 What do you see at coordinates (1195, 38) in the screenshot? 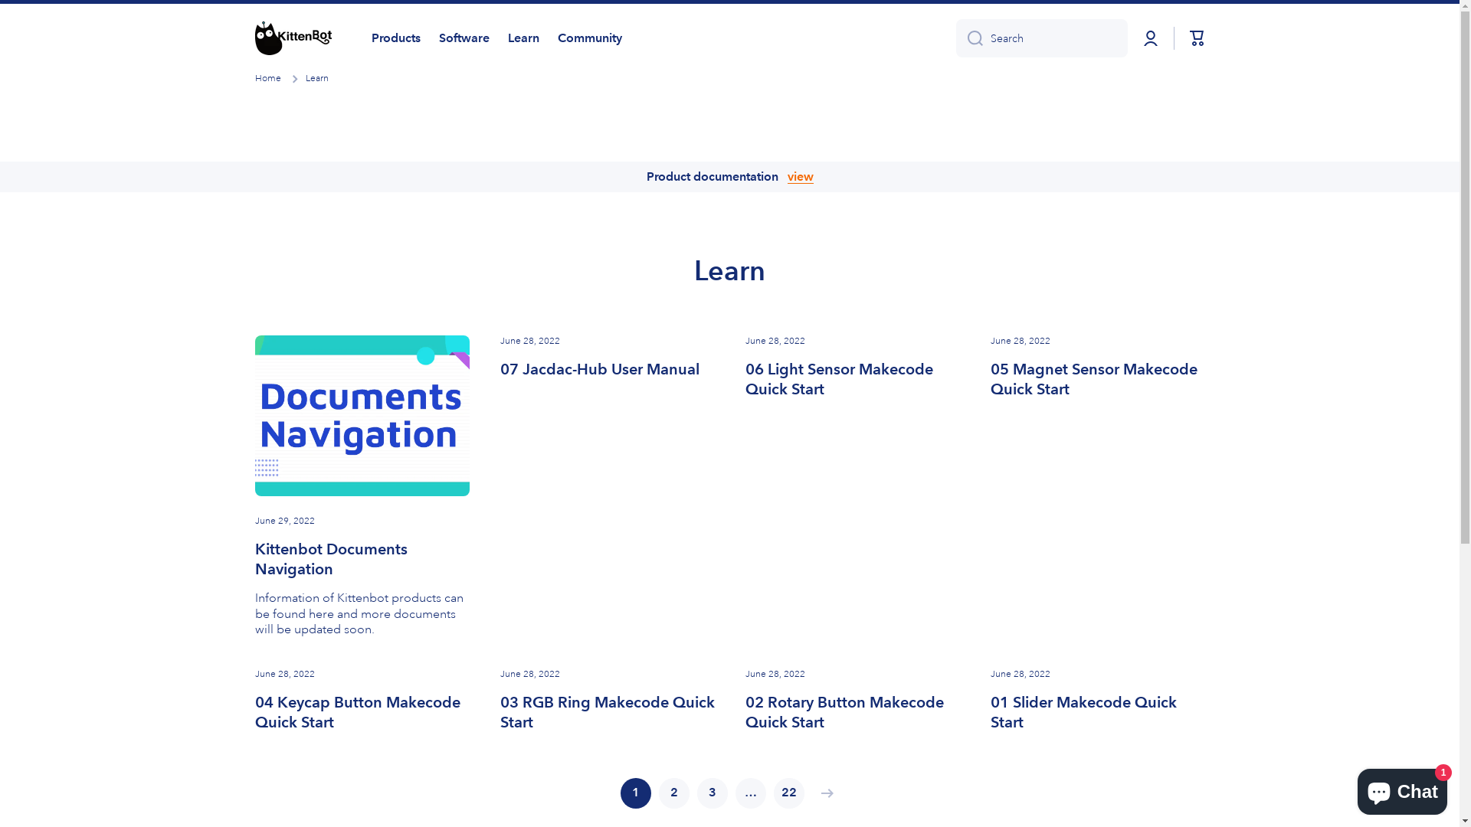
I see `'Cart'` at bounding box center [1195, 38].